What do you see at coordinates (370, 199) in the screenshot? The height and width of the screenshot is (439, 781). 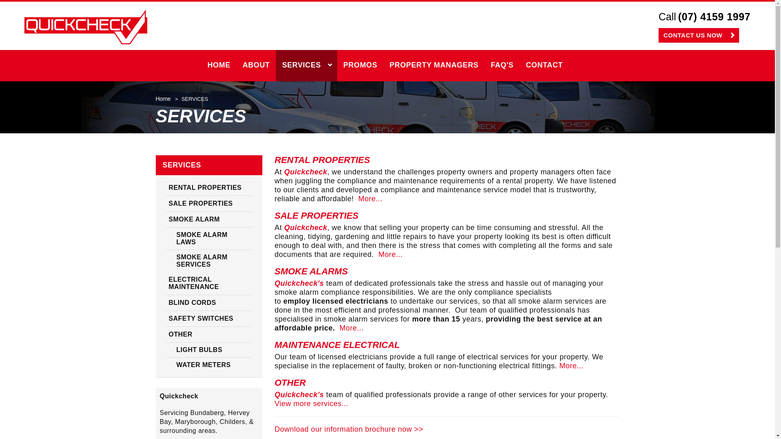 I see `'More...'` at bounding box center [370, 199].